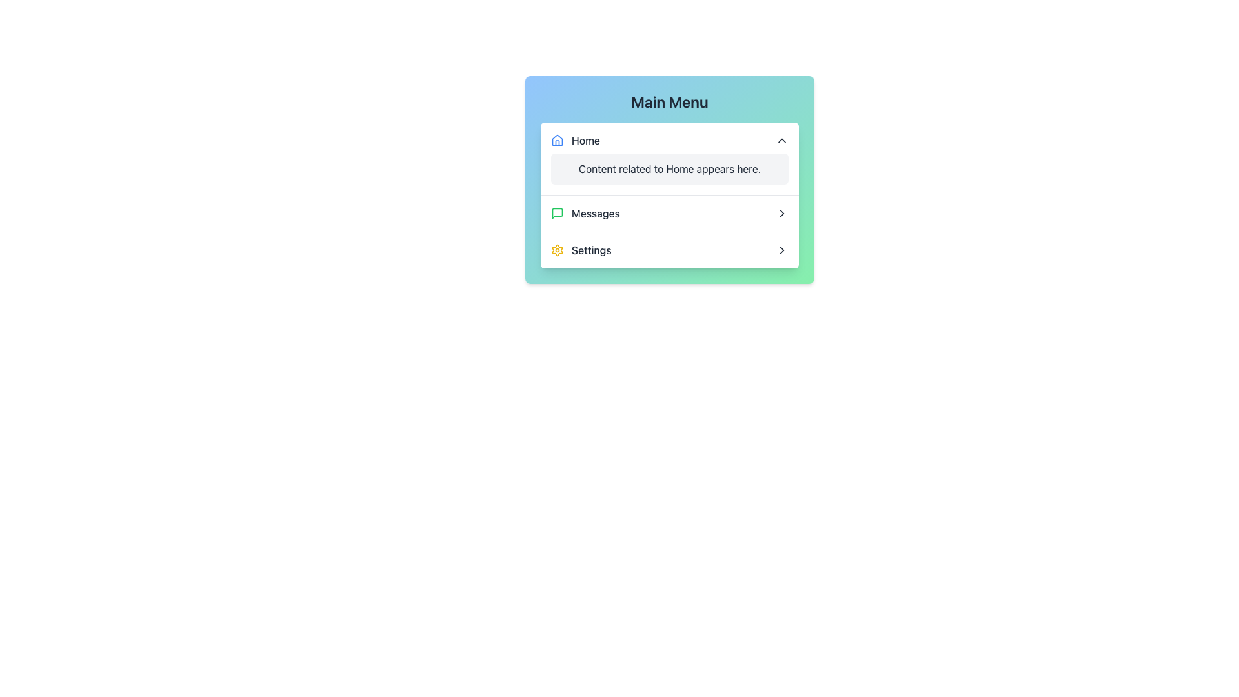  What do you see at coordinates (558, 141) in the screenshot?
I see `the Home icon, which is the first graphical element in the Main Menu list item` at bounding box center [558, 141].